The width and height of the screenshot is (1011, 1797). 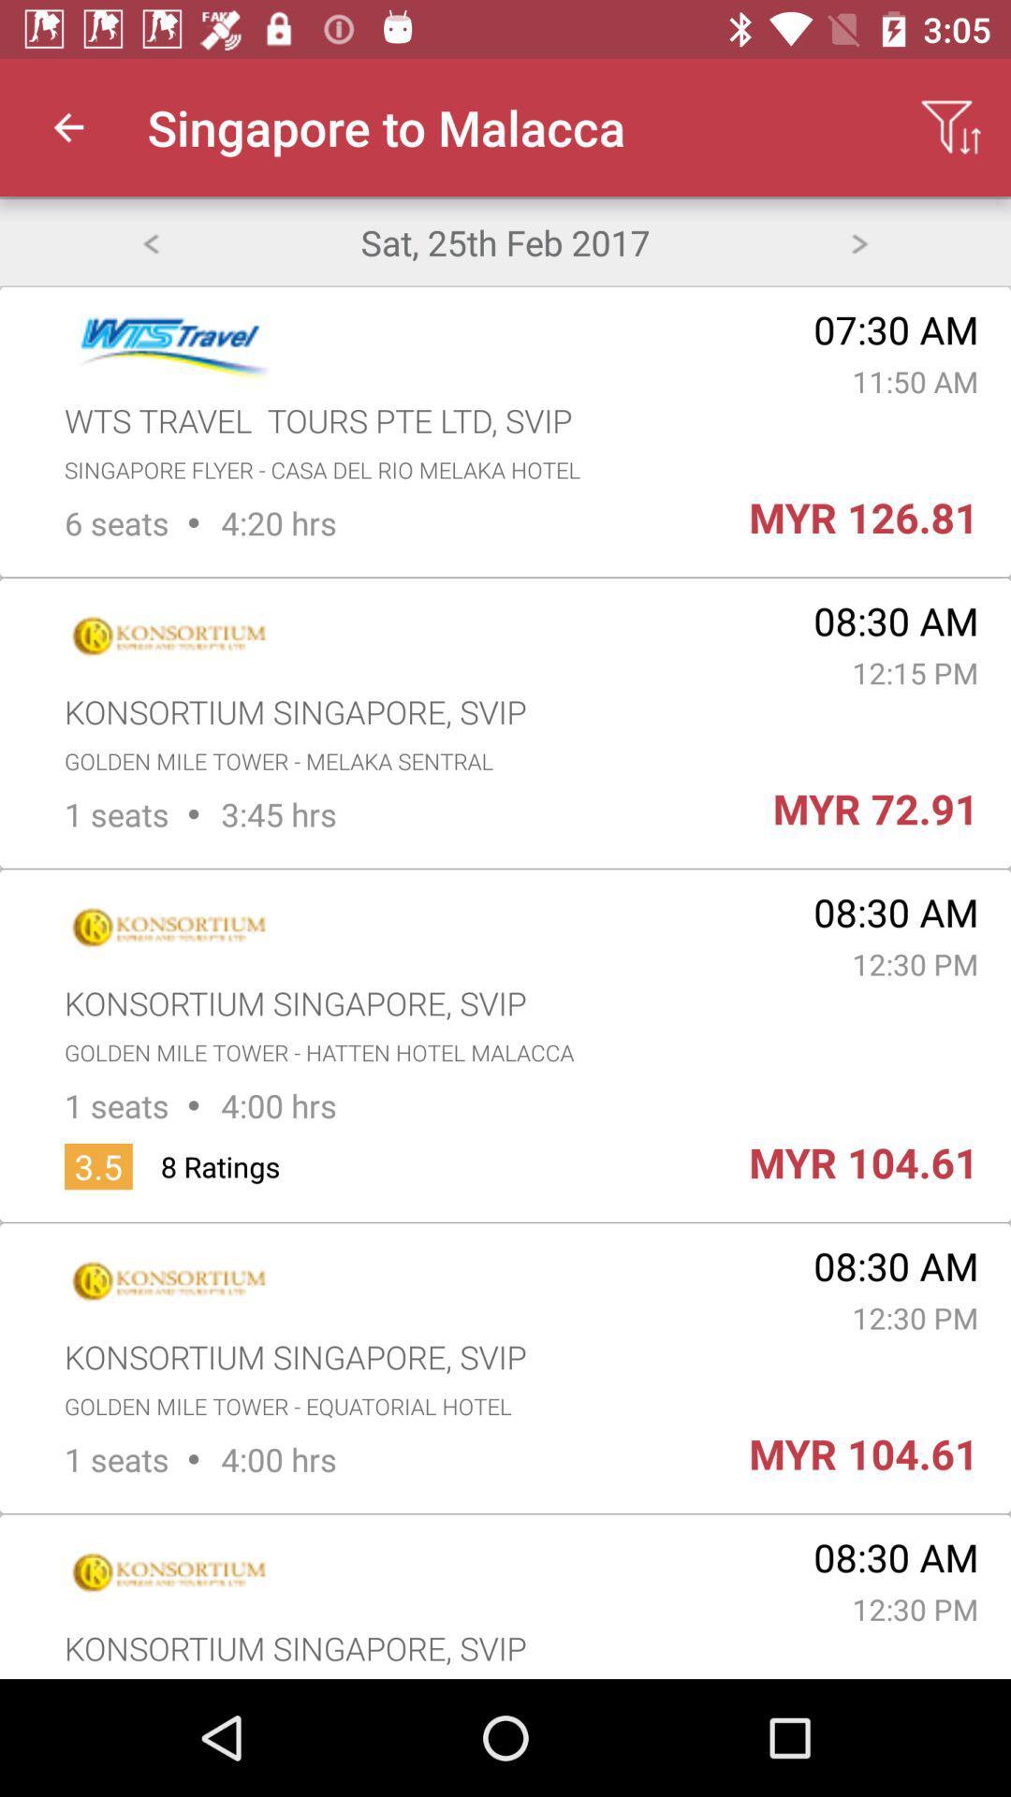 What do you see at coordinates (149, 241) in the screenshot?
I see `back button` at bounding box center [149, 241].